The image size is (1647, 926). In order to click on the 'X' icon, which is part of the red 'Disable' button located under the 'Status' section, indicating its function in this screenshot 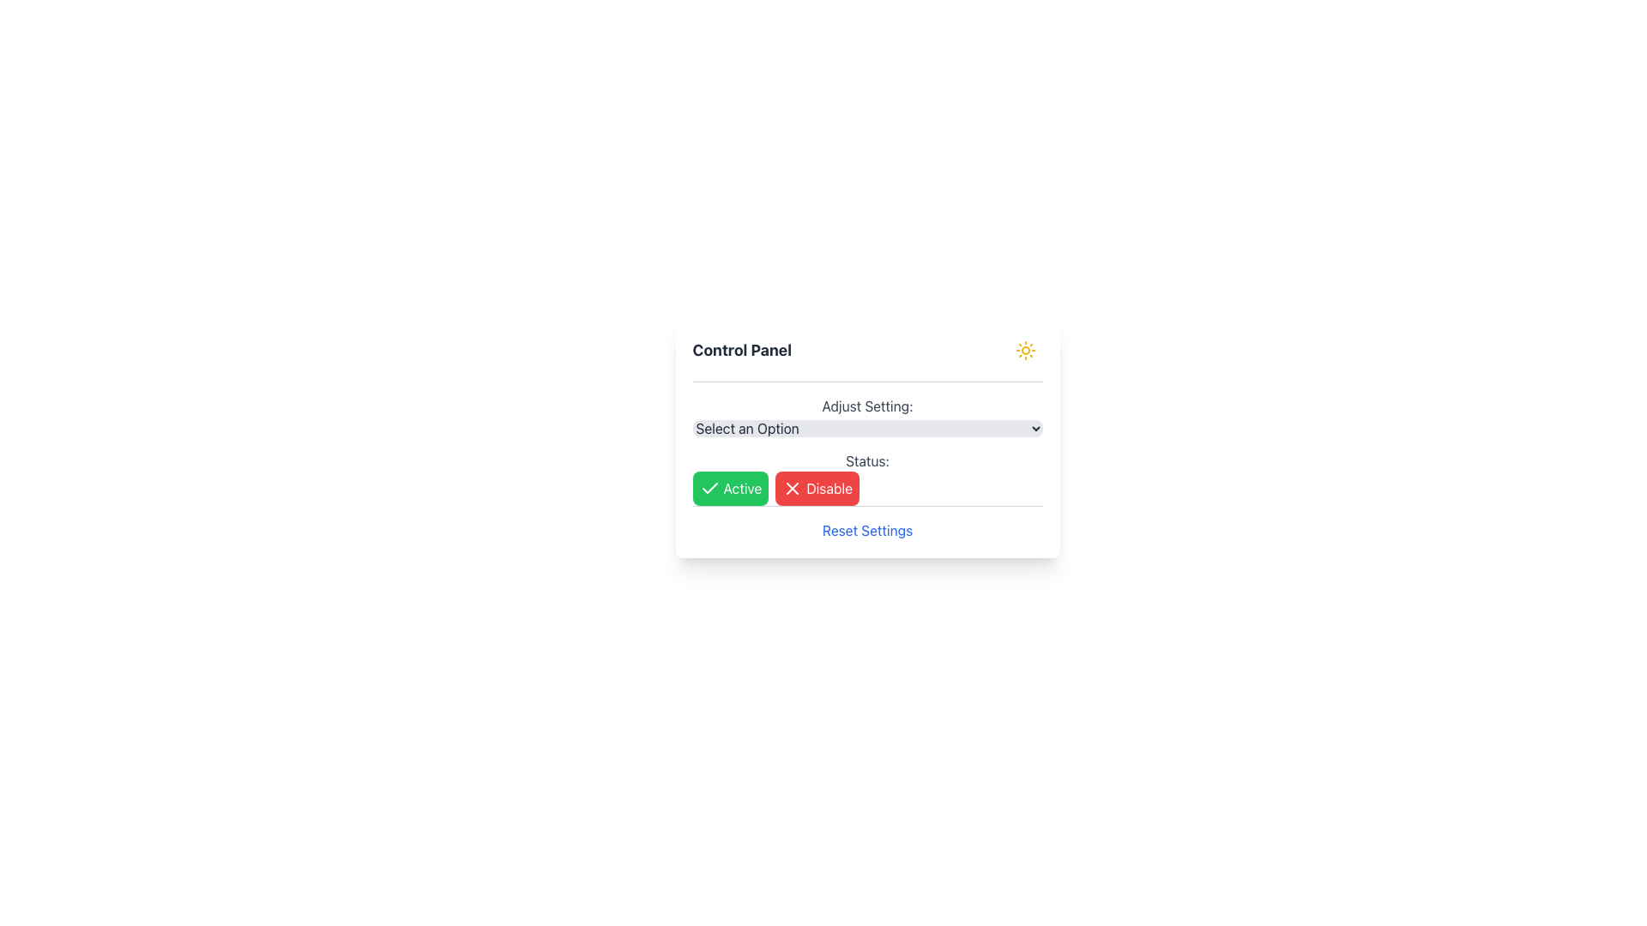, I will do `click(792, 489)`.